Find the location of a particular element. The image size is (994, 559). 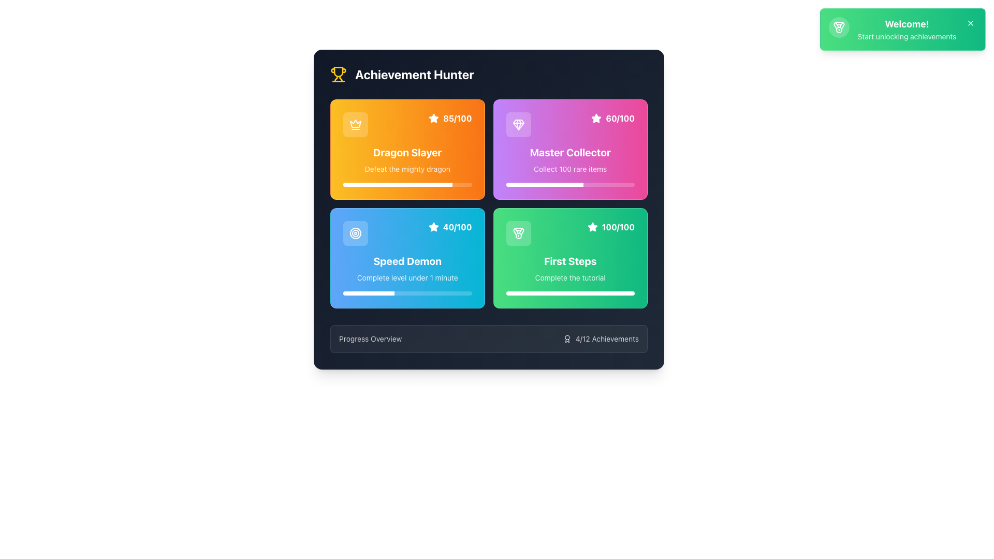

the text displaying the numerical achievement score for the 'Dragon Slayer' task, which is located in the top-left of the orange background card next to a small star icon is located at coordinates (457, 117).